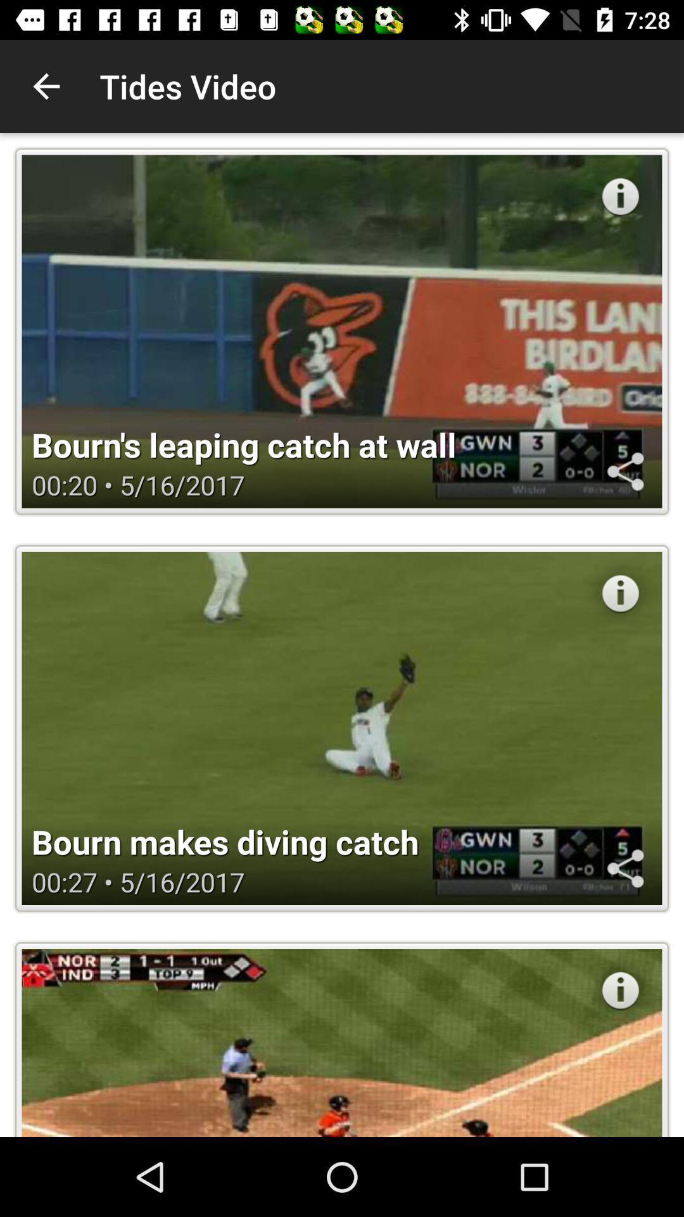 The width and height of the screenshot is (684, 1217). I want to click on share the article, so click(624, 868).